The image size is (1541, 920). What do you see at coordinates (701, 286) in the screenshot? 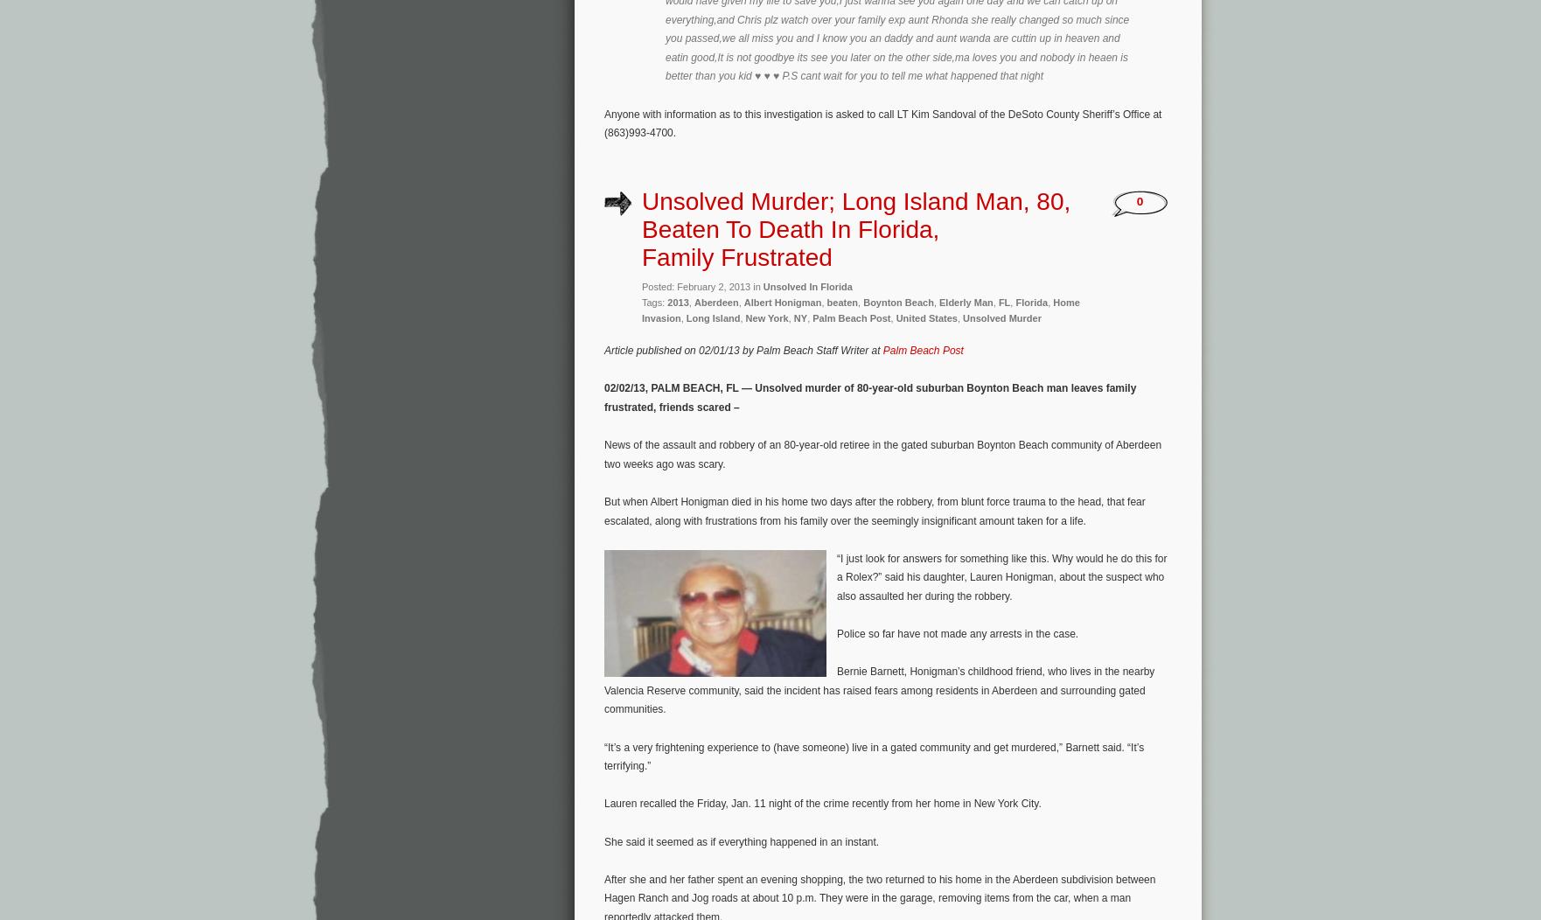
I see `'Posted: February 2, 2013 in'` at bounding box center [701, 286].